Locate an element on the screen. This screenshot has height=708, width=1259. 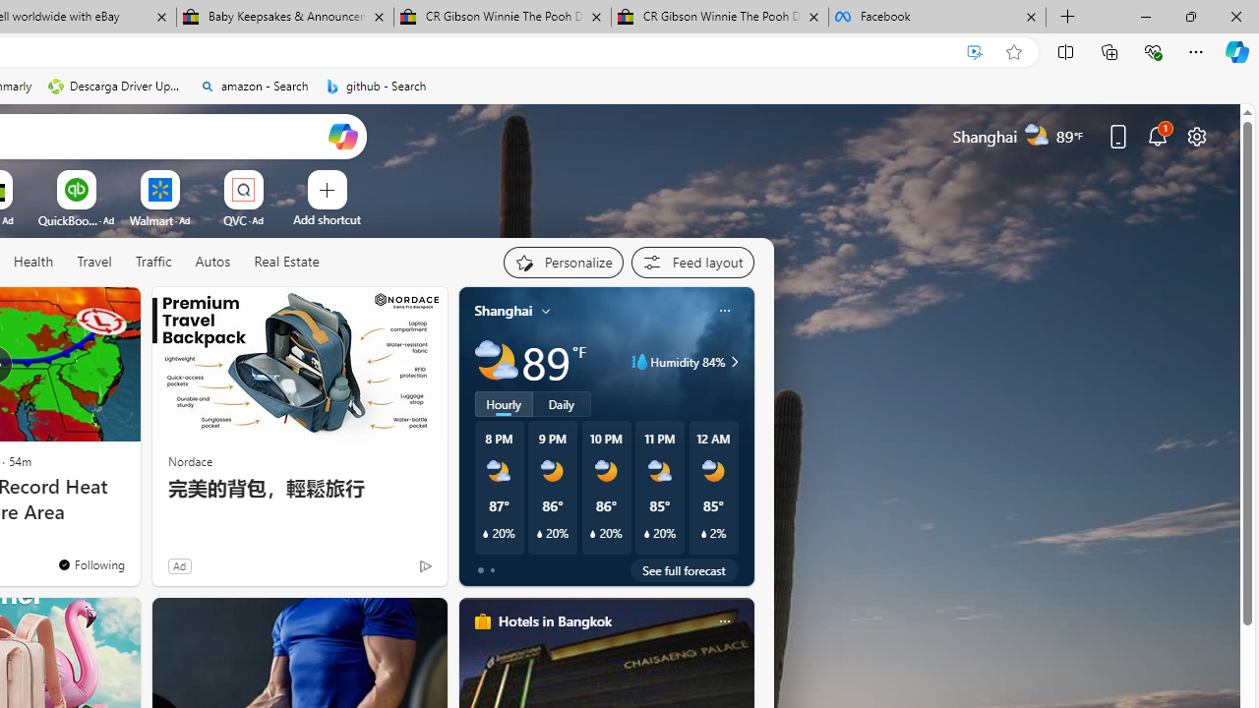
'Autos' is located at coordinates (212, 261).